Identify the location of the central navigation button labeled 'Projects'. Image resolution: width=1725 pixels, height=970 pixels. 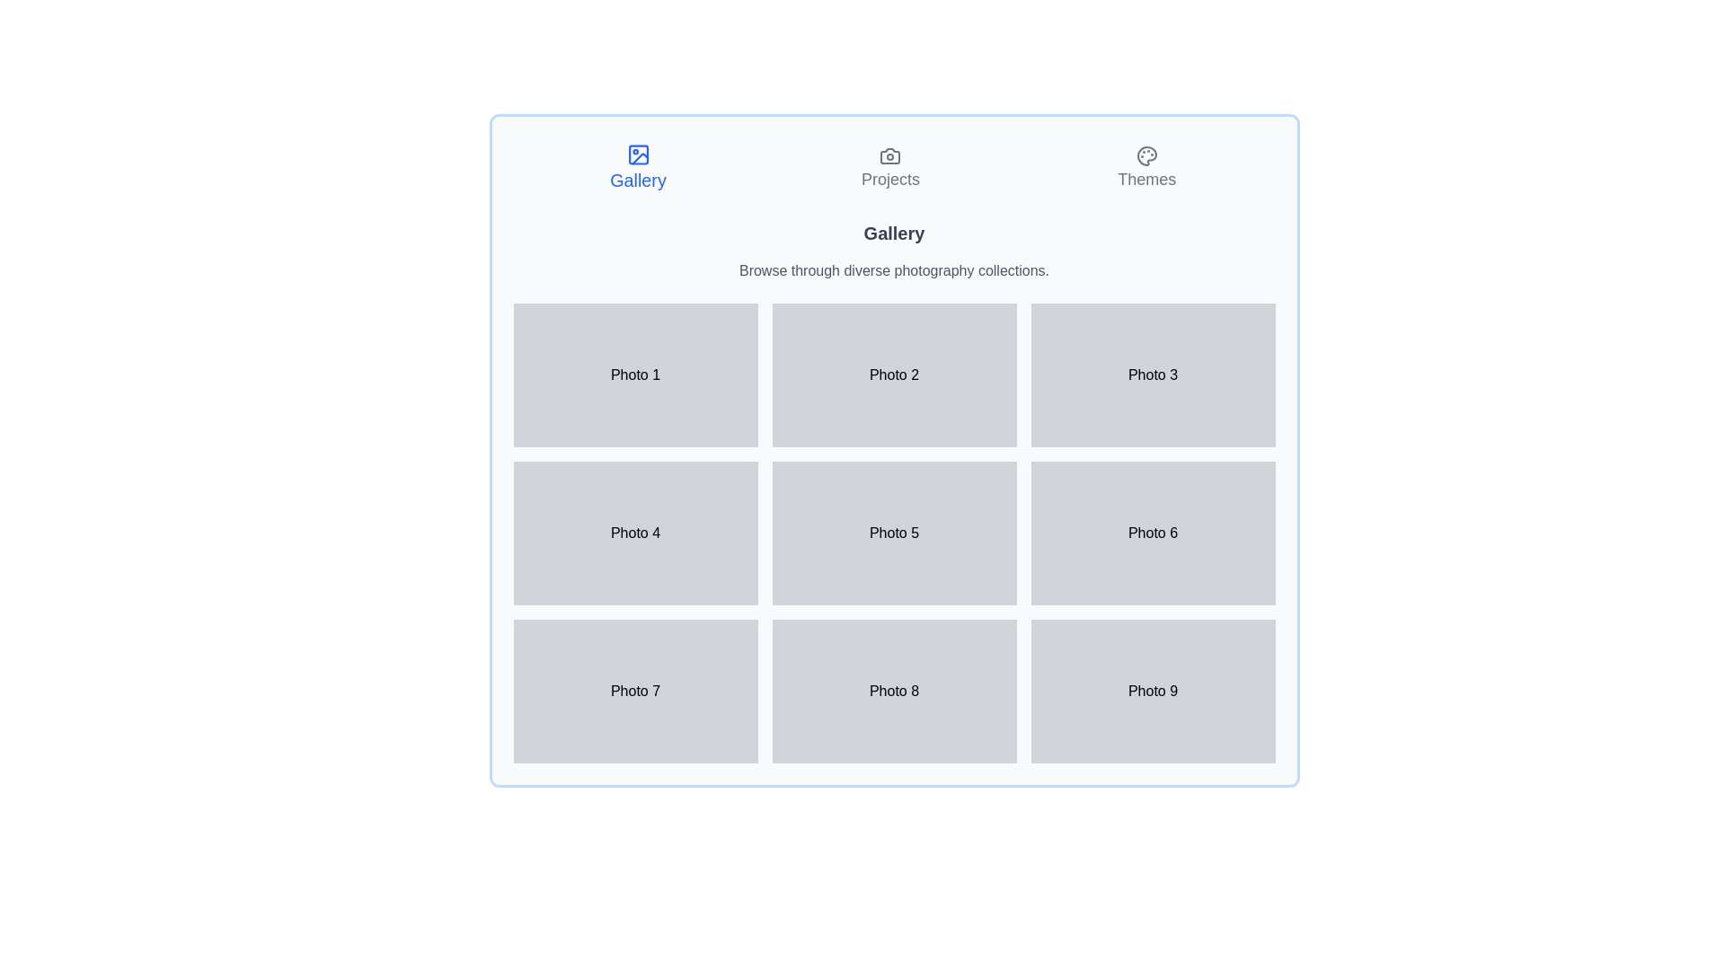
(890, 169).